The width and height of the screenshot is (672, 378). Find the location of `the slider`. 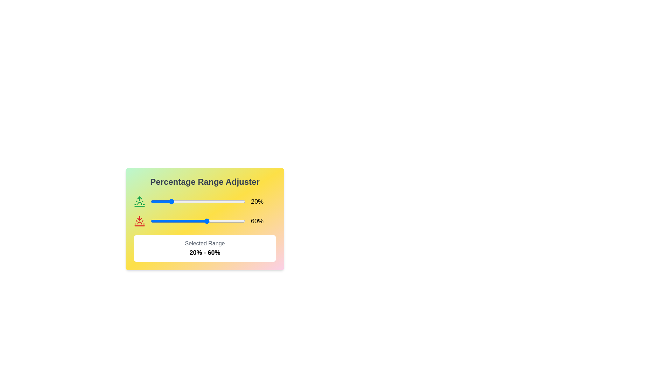

the slider is located at coordinates (176, 201).